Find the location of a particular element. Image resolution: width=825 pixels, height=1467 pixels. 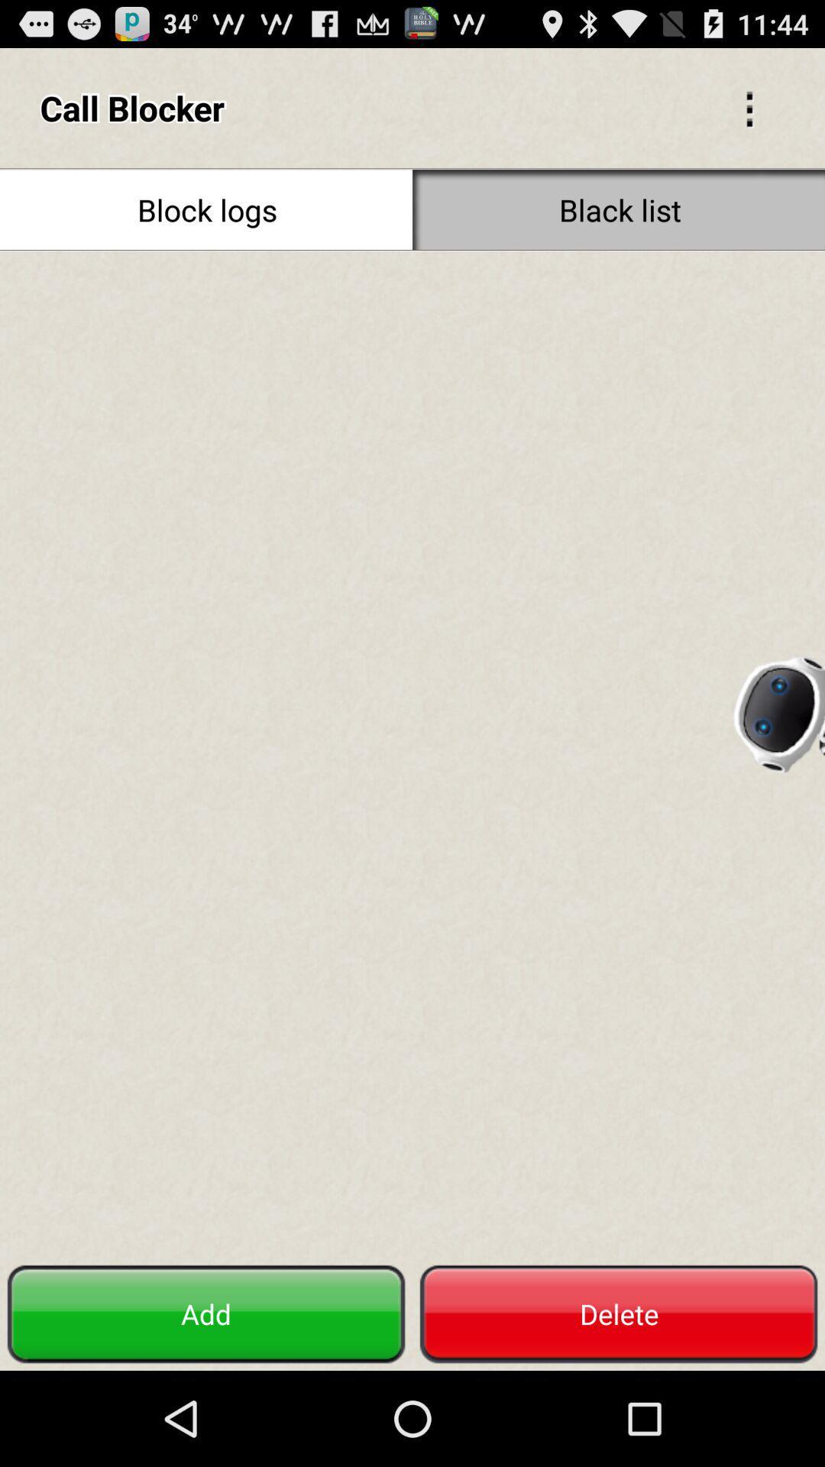

the item above delete item is located at coordinates (778, 708).